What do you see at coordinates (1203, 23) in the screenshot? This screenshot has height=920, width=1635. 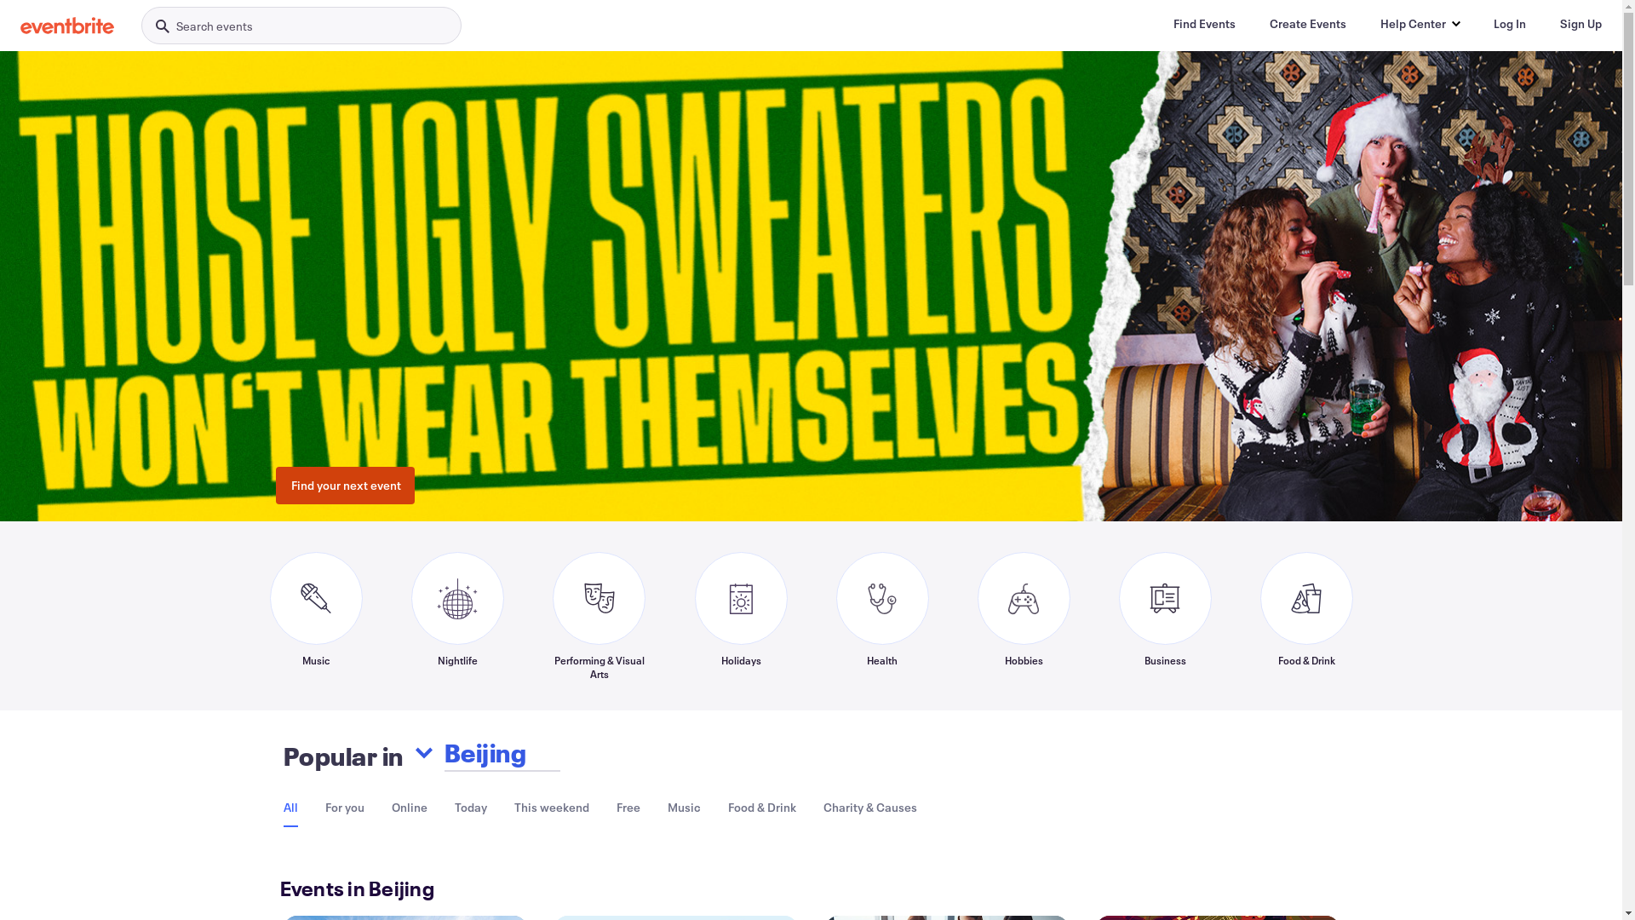 I see `'Find Events'` at bounding box center [1203, 23].